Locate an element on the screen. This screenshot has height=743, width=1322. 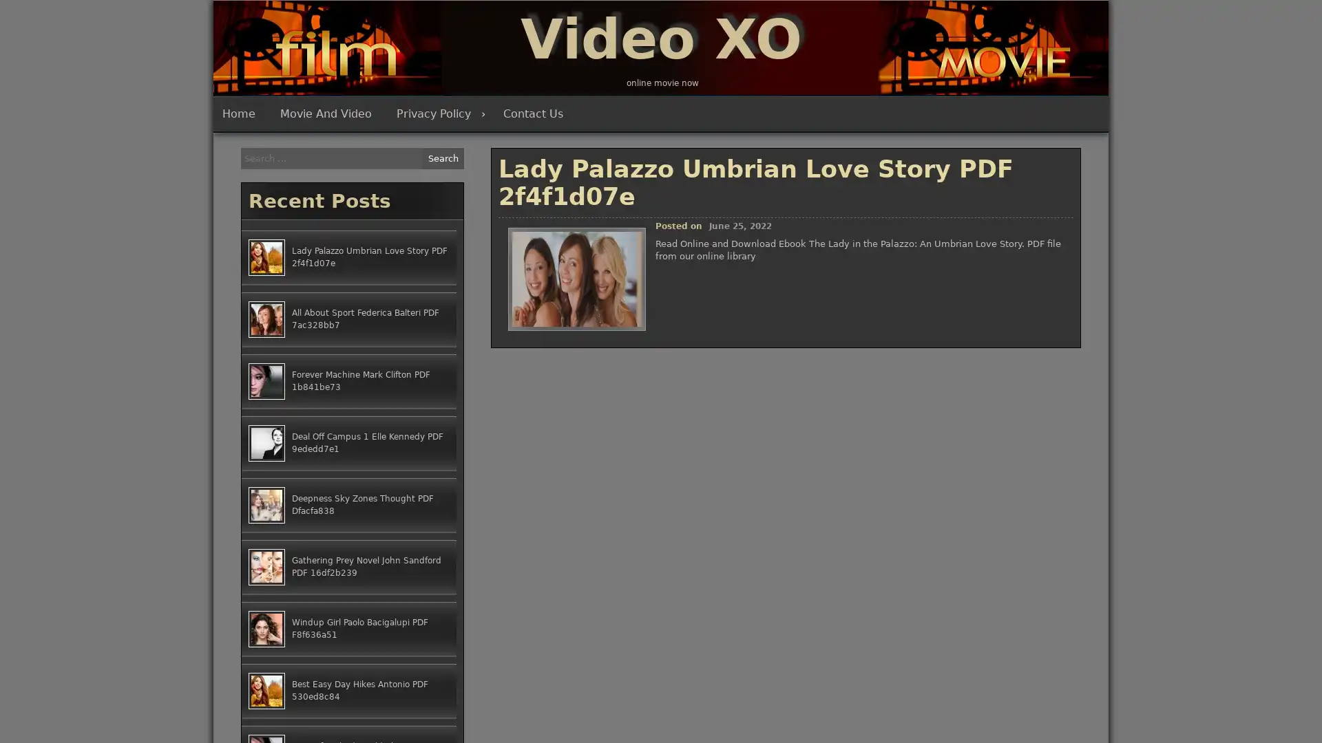
Search is located at coordinates (443, 158).